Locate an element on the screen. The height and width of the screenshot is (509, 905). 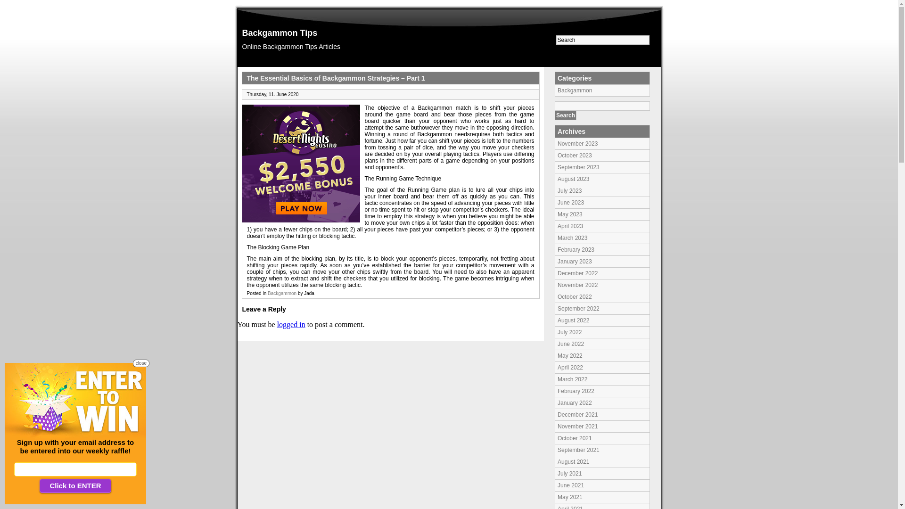
'November 2021' is located at coordinates (577, 427).